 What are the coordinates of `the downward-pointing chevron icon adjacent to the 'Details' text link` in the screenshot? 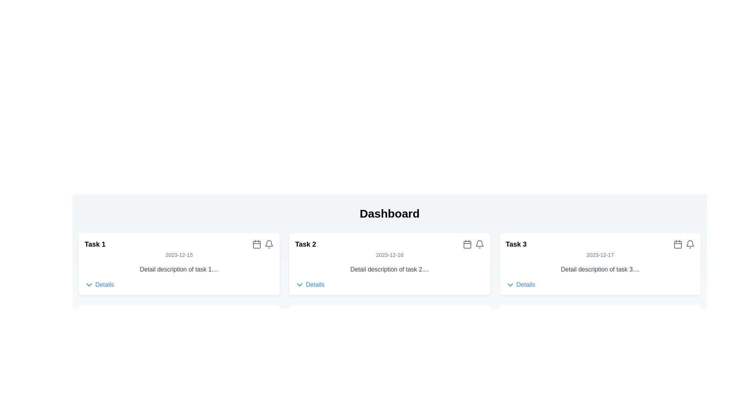 It's located at (89, 285).